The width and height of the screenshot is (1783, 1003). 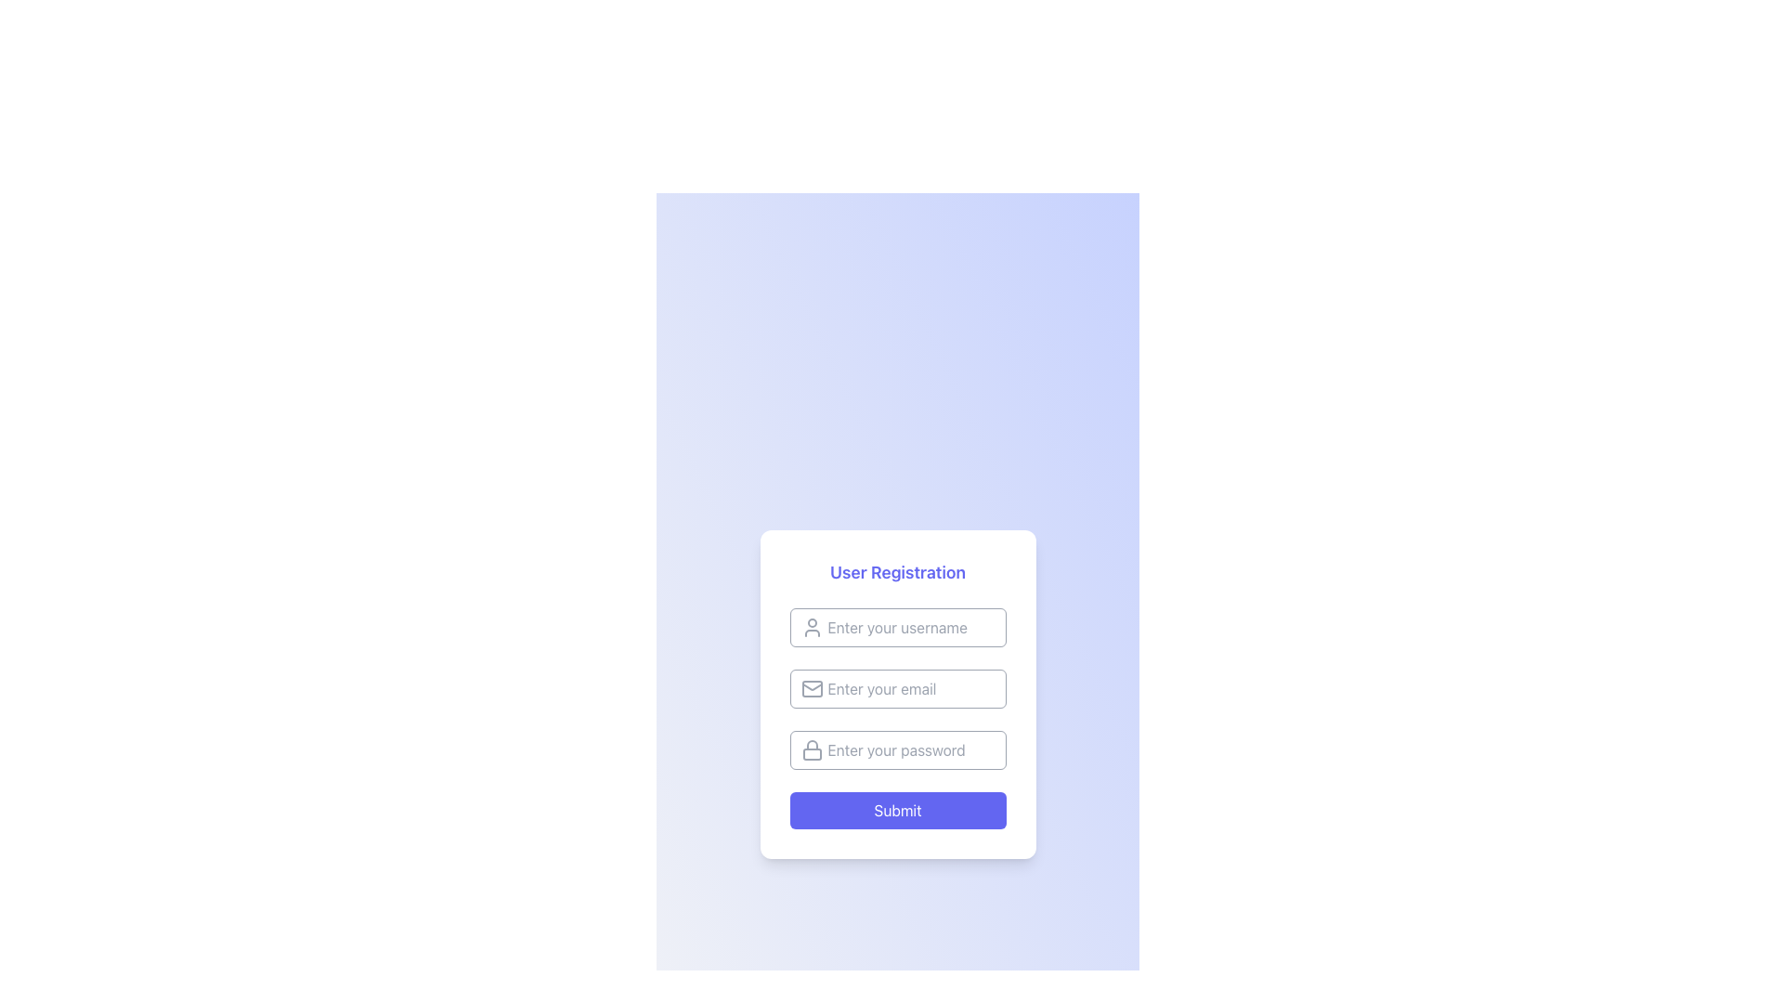 What do you see at coordinates (812, 627) in the screenshot?
I see `the decorative SVG icon located on the left side of the first input field in the 'User Registration' form, which visually represents the purpose of the input related to user information` at bounding box center [812, 627].